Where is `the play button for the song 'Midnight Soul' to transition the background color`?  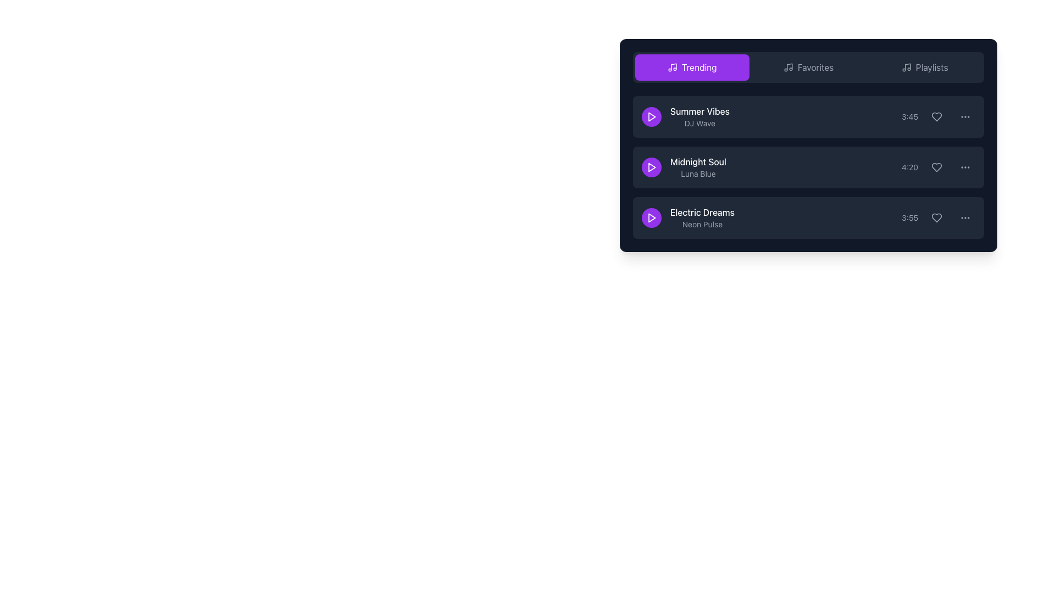
the play button for the song 'Midnight Soul' to transition the background color is located at coordinates (651, 167).